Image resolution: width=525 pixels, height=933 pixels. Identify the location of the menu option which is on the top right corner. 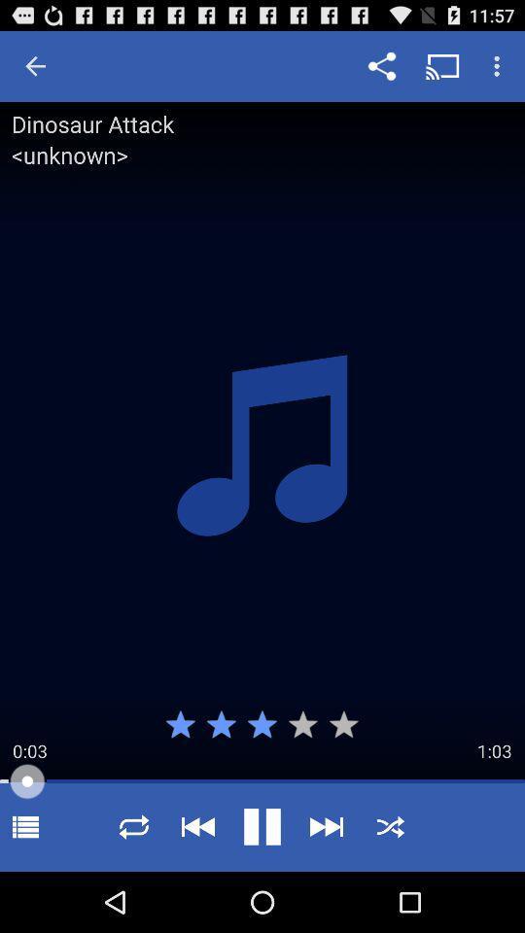
(500, 66).